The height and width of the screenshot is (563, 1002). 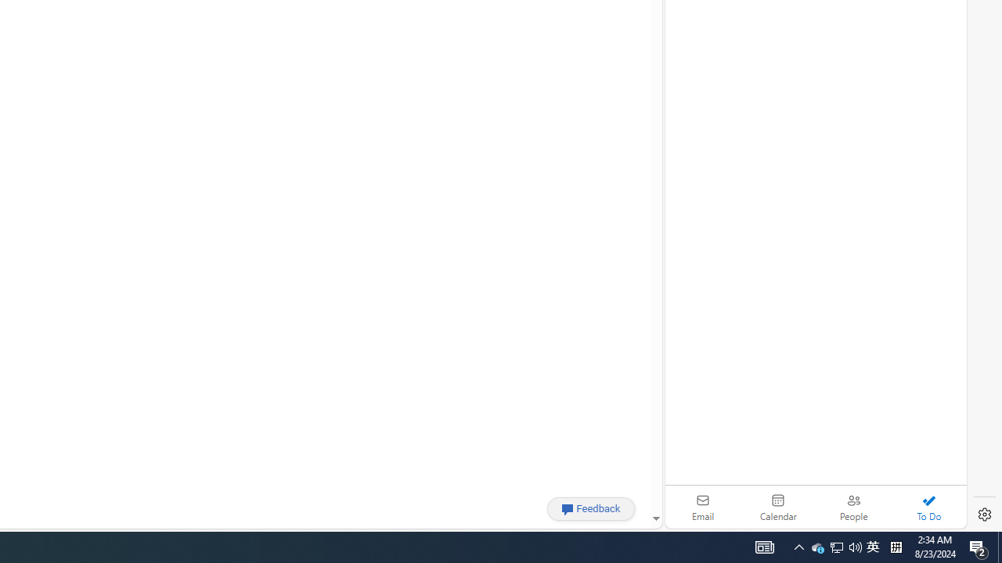 What do you see at coordinates (778, 507) in the screenshot?
I see `'Calendar. Date today is 22'` at bounding box center [778, 507].